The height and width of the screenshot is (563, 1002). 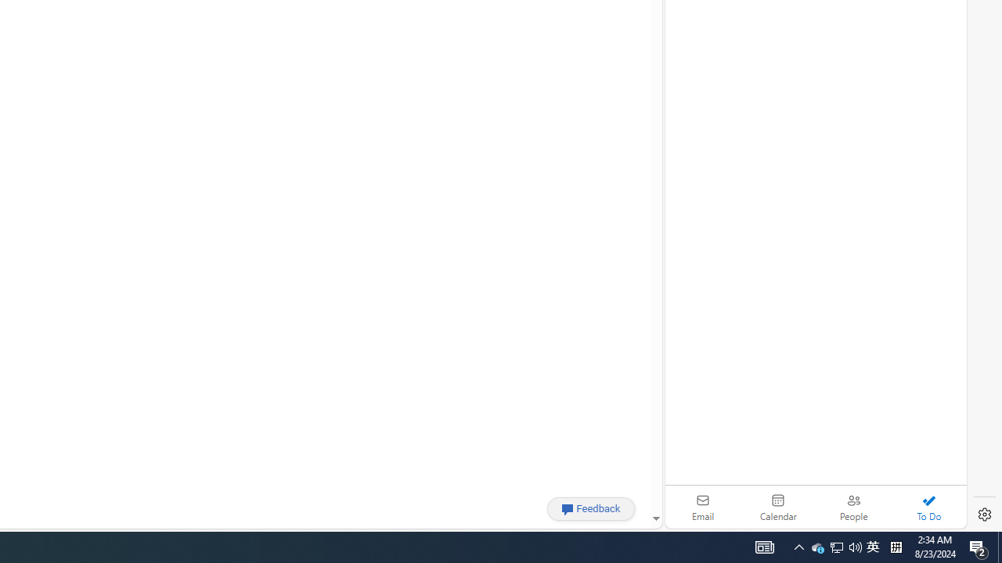 What do you see at coordinates (778, 507) in the screenshot?
I see `'Calendar. Date today is 22'` at bounding box center [778, 507].